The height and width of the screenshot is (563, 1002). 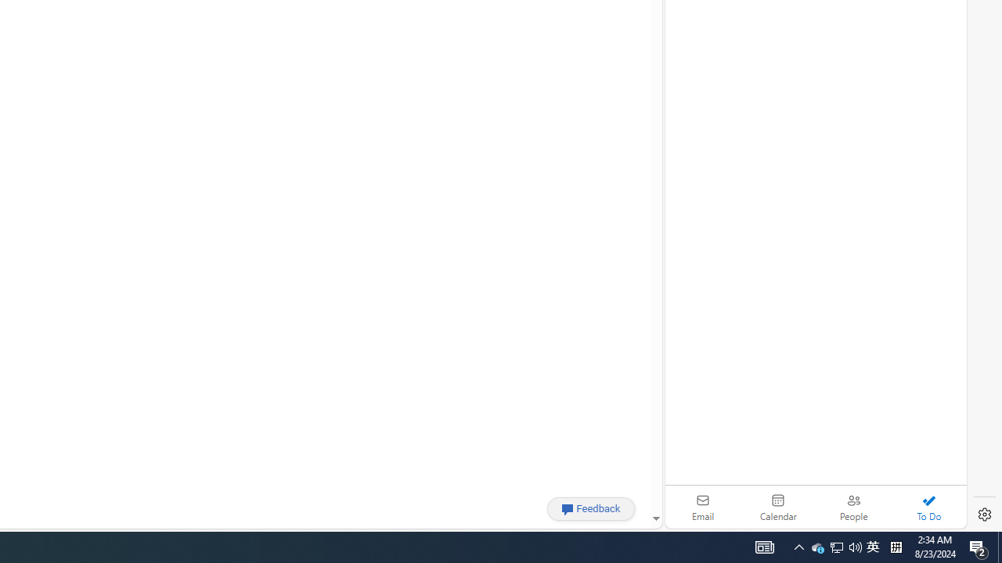 What do you see at coordinates (778, 507) in the screenshot?
I see `'Calendar. Date today is 22'` at bounding box center [778, 507].